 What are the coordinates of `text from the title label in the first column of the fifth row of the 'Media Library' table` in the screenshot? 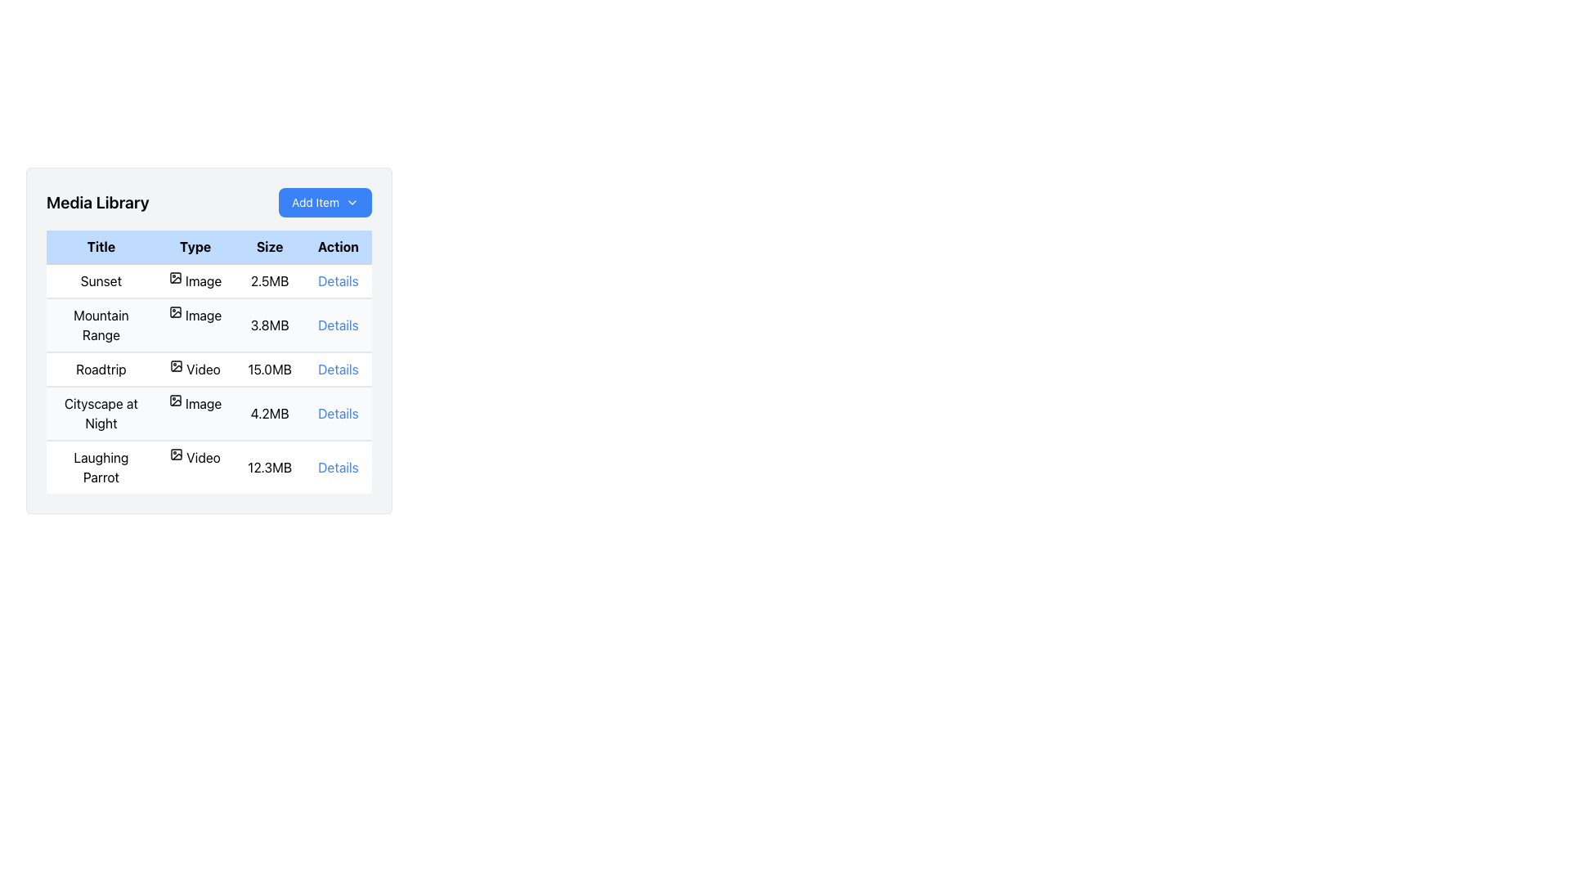 It's located at (100, 467).